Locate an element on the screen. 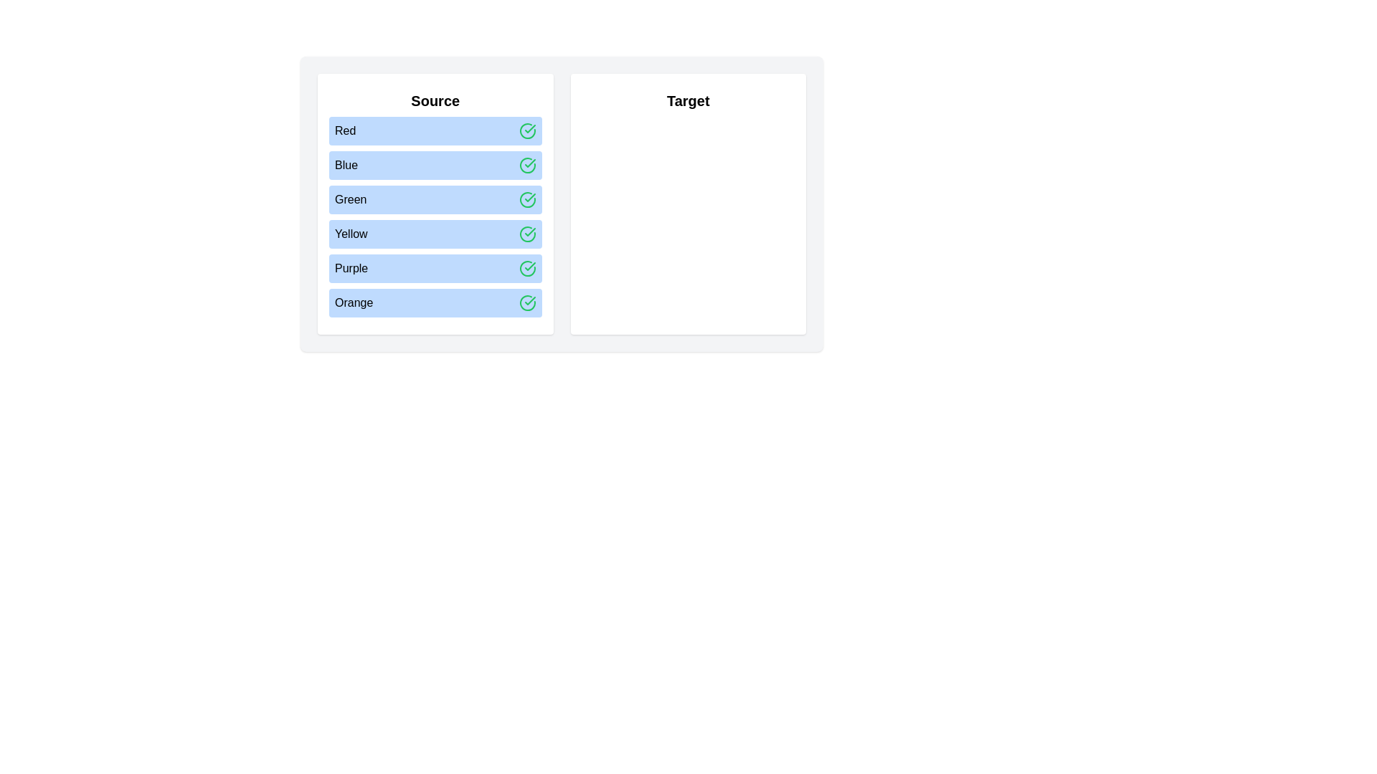 This screenshot has height=774, width=1377. green check icon next to the item Orange in the Source list to move it to the Target list is located at coordinates (526, 302).